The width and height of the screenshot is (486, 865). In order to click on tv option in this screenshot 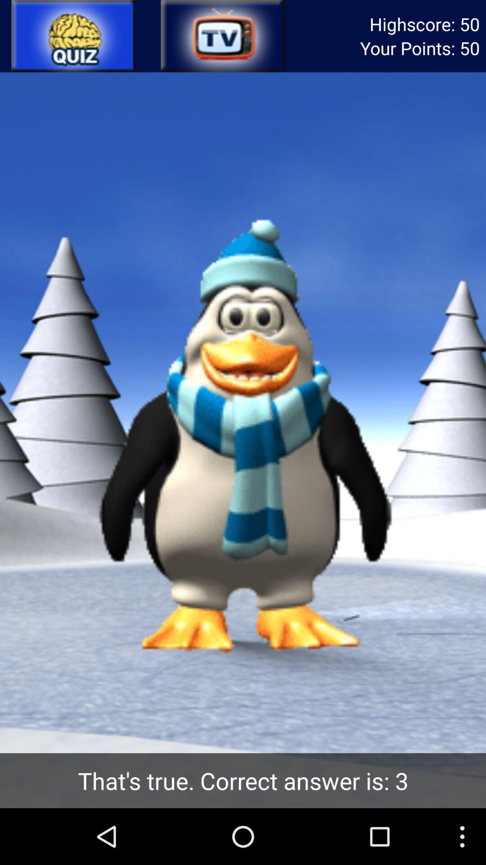, I will do `click(222, 36)`.